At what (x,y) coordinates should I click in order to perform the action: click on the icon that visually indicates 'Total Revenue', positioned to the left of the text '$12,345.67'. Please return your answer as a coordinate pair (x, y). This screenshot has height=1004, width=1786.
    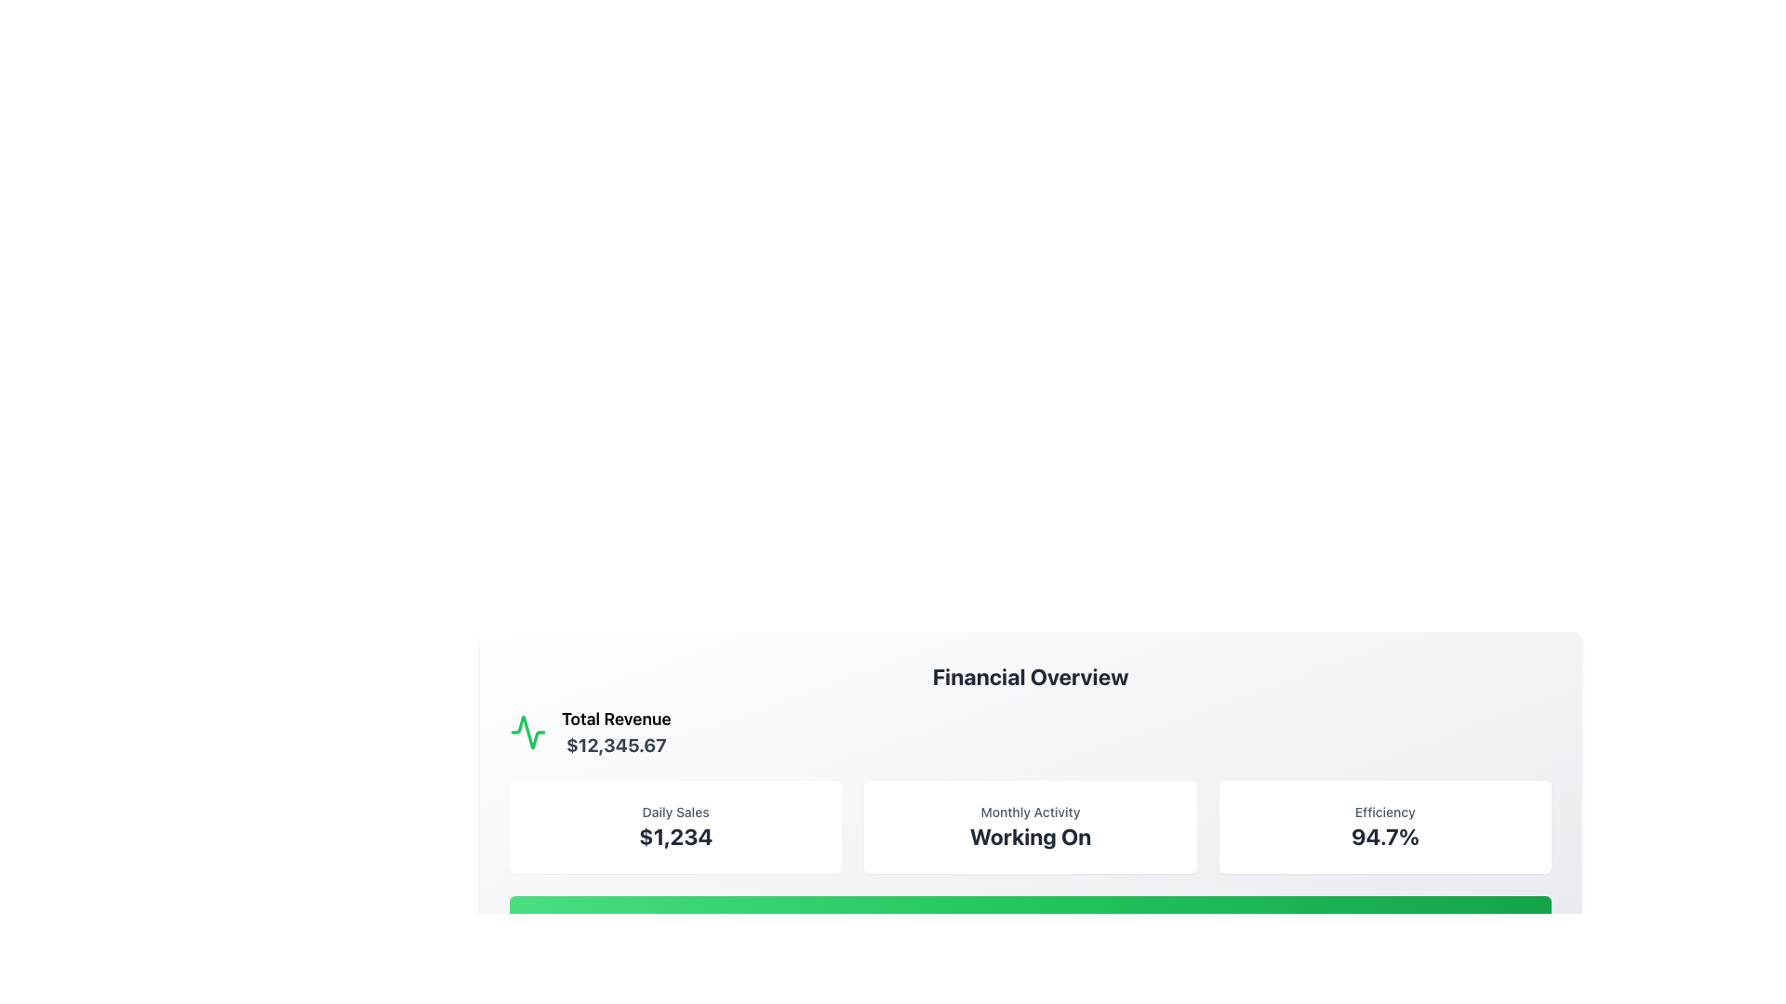
    Looking at the image, I should click on (526, 731).